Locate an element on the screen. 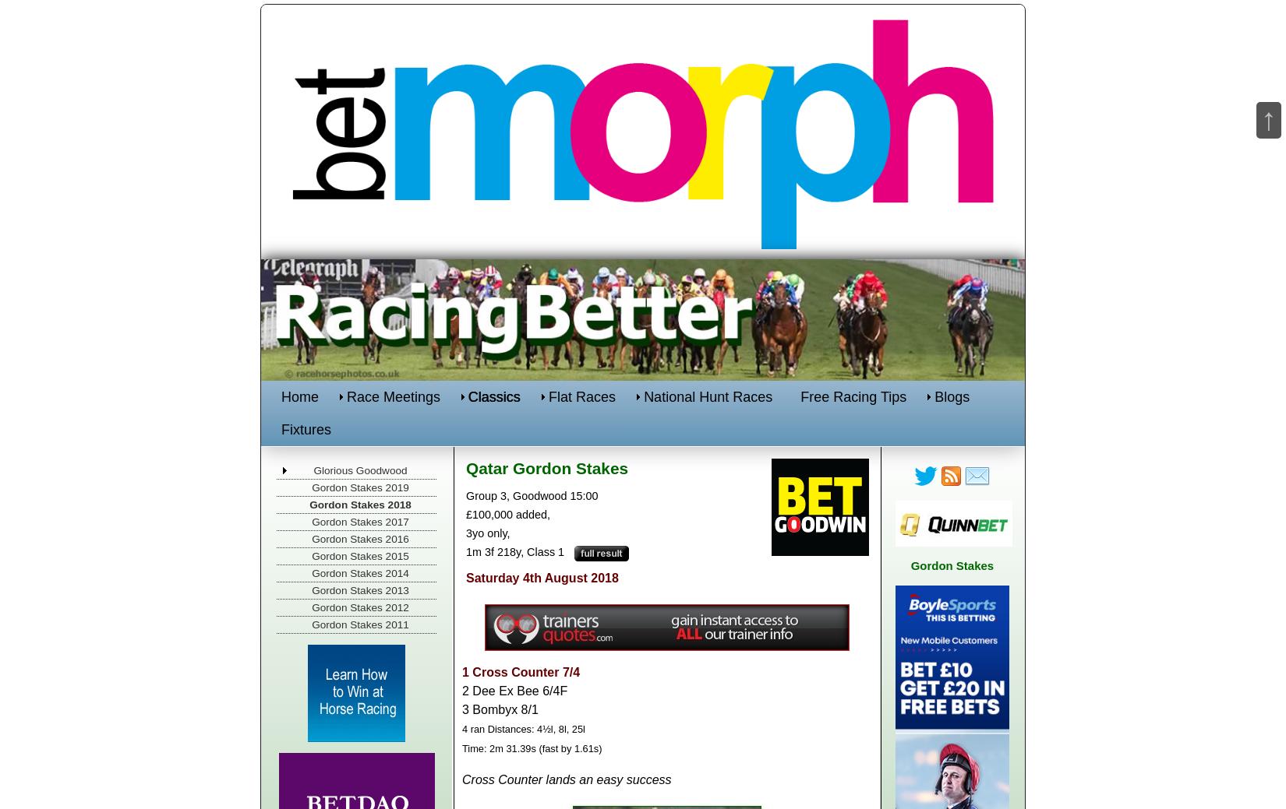  'Time: 2m 31.39s (fast by 1.61s)' is located at coordinates (461, 748).